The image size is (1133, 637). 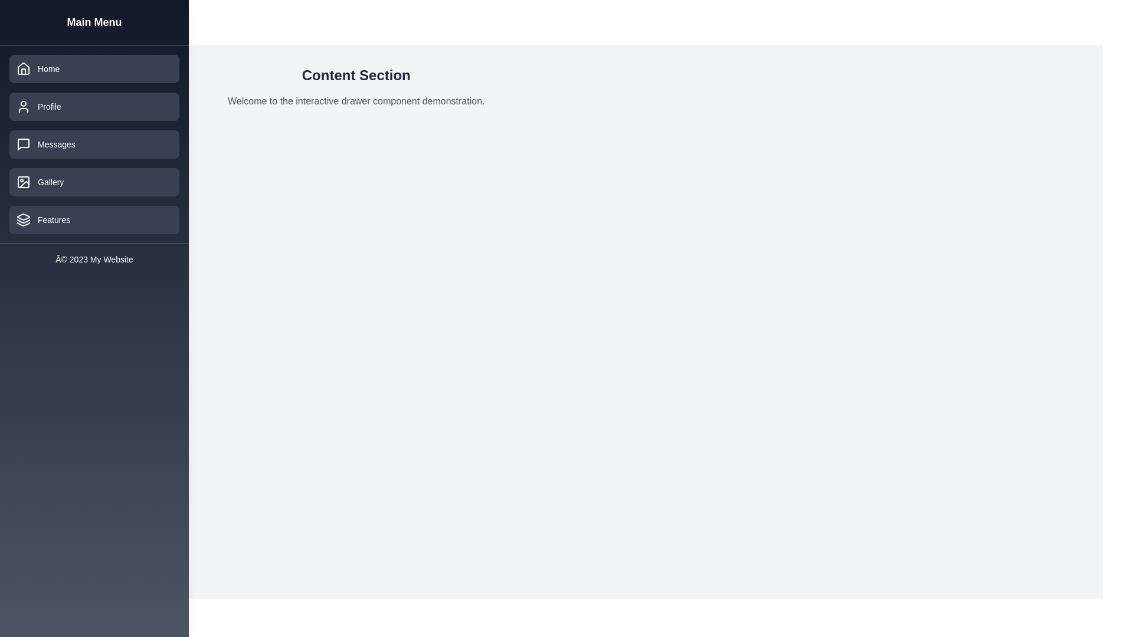 I want to click on the 'Home' button located at the top of the vertical navigation menu in the left pane to observe styling changes, so click(x=93, y=68).